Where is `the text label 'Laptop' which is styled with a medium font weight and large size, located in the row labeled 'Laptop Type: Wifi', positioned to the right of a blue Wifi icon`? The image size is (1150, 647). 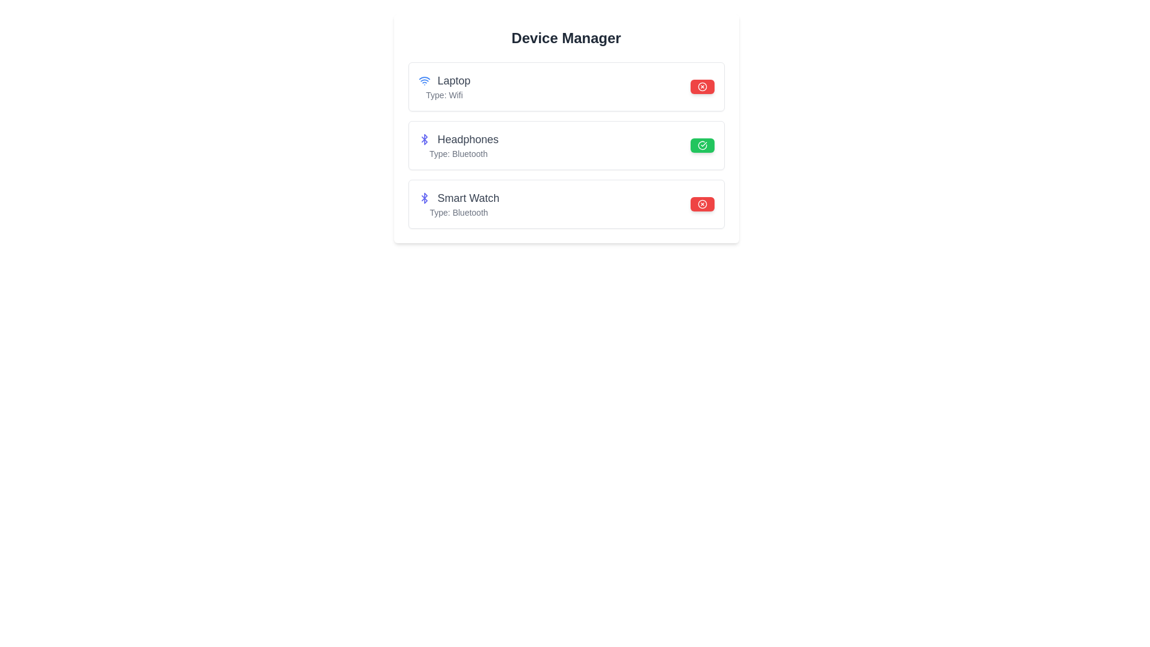 the text label 'Laptop' which is styled with a medium font weight and large size, located in the row labeled 'Laptop Type: Wifi', positioned to the right of a blue Wifi icon is located at coordinates (444, 81).